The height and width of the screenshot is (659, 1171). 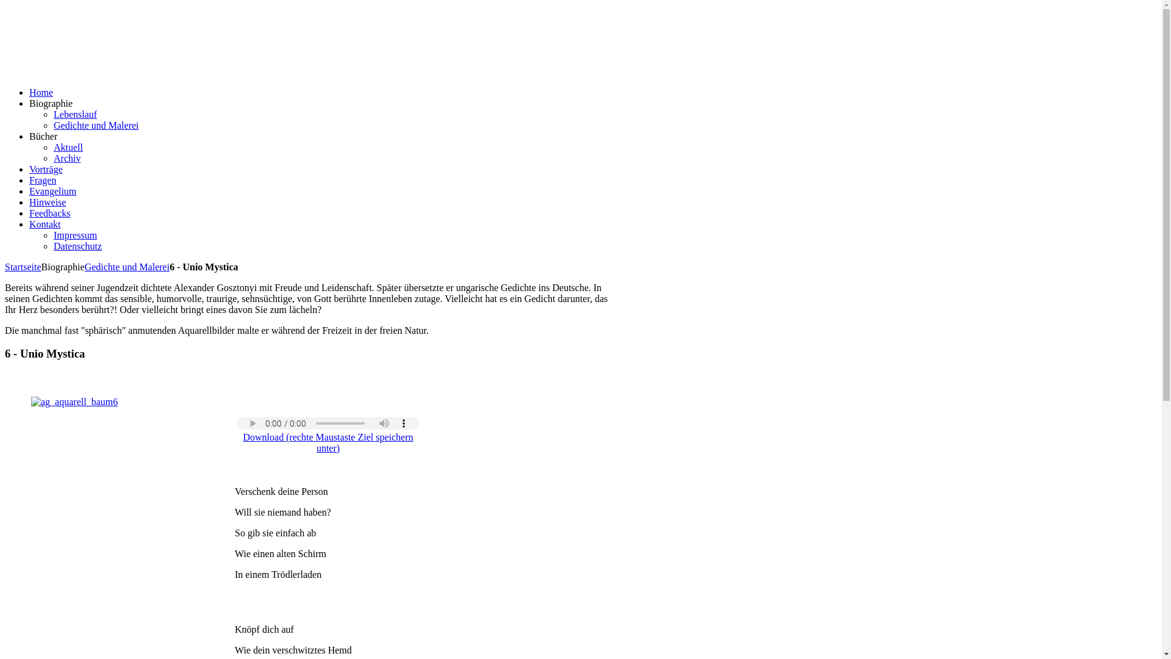 I want to click on 'Startseite', so click(x=23, y=266).